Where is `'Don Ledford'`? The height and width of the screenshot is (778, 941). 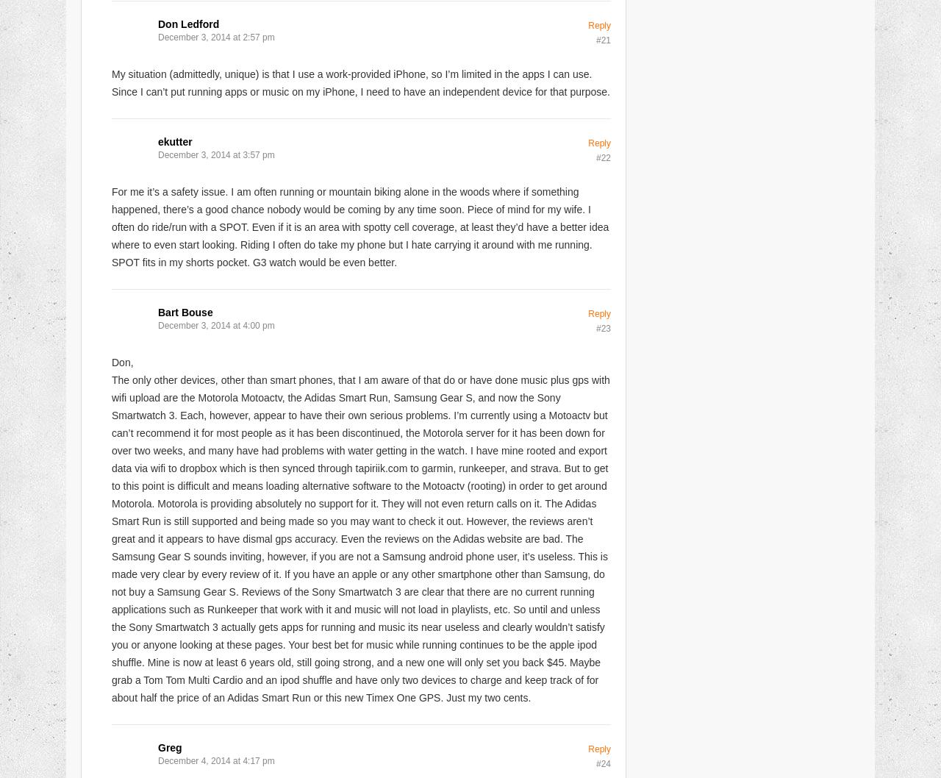
'Don Ledford' is located at coordinates (187, 23).